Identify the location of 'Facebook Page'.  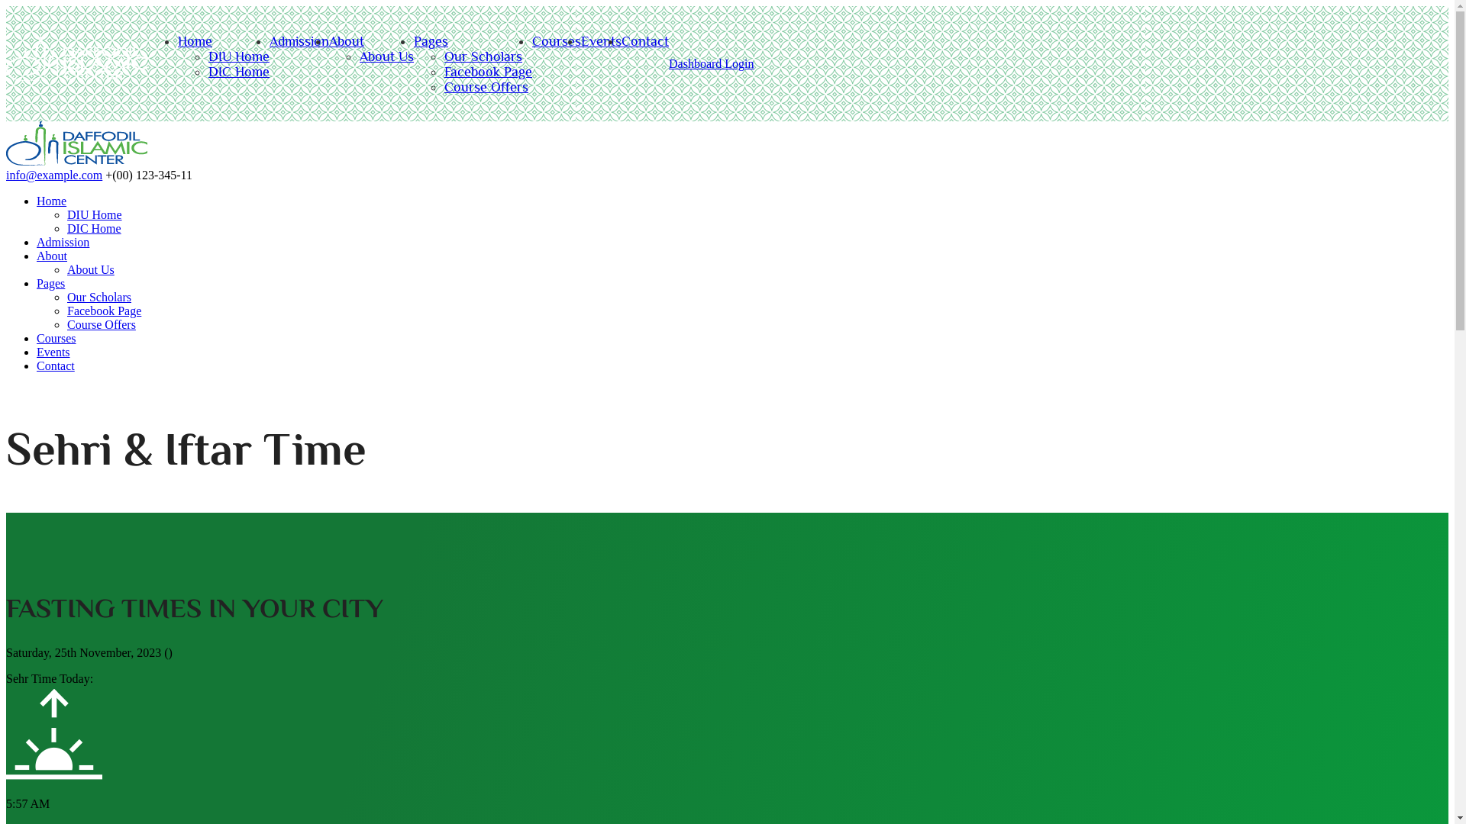
(103, 310).